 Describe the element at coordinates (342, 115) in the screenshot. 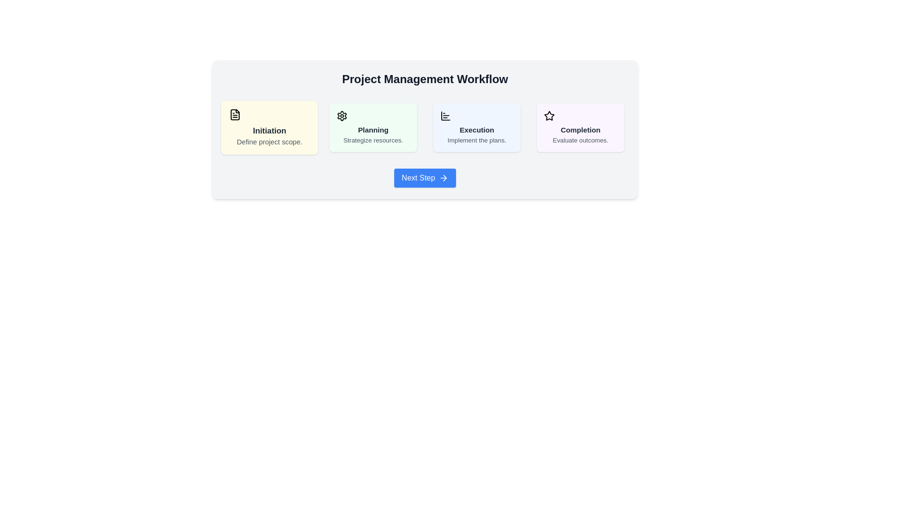

I see `the gear icon representing the settings functionality within the light green card labeled 'Planning'` at that location.